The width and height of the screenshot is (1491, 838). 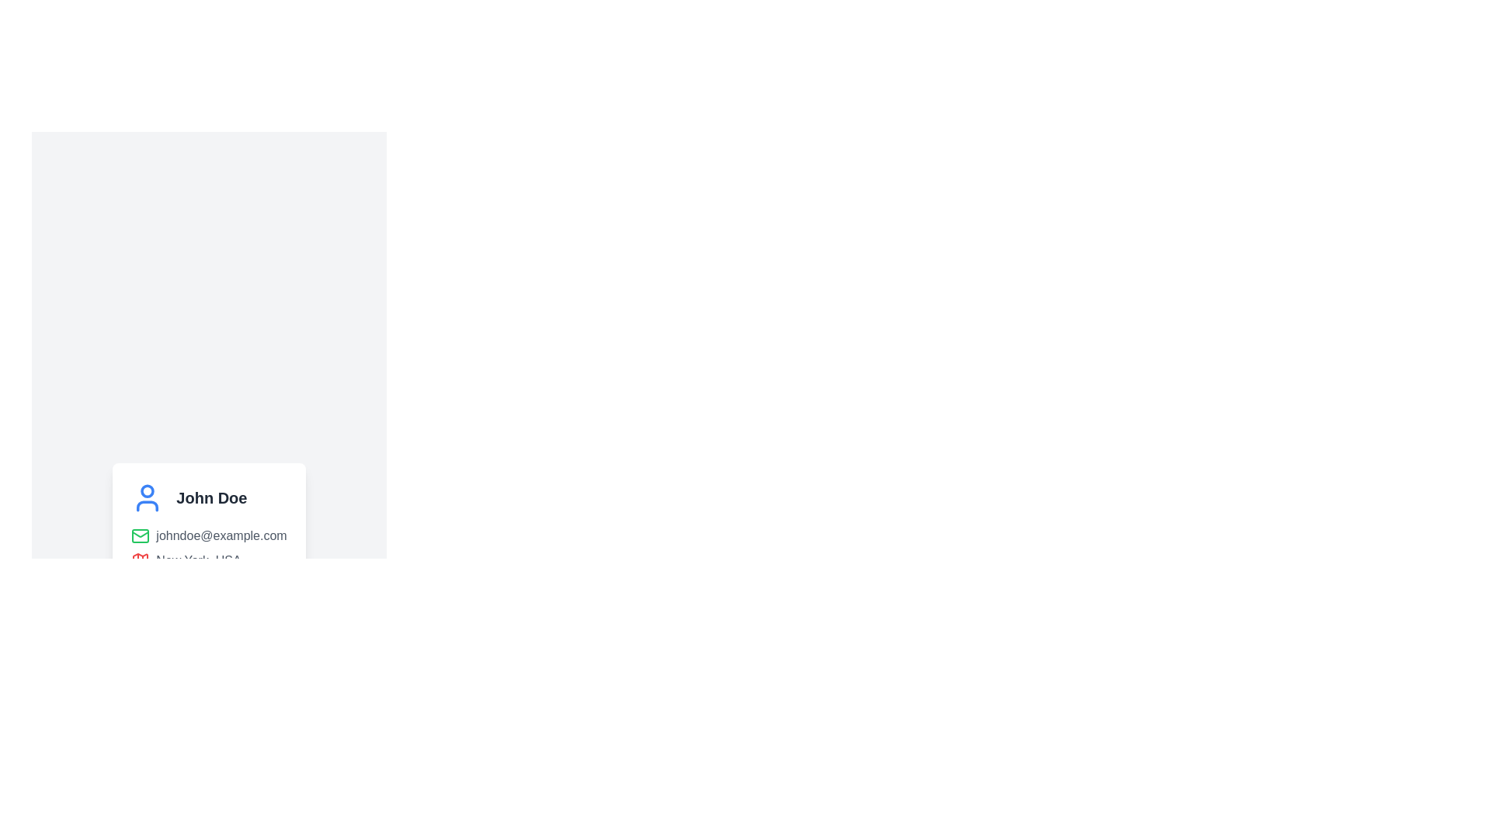 I want to click on the circular shape at the top of the user profile icon, which represents the head, so click(x=148, y=491).